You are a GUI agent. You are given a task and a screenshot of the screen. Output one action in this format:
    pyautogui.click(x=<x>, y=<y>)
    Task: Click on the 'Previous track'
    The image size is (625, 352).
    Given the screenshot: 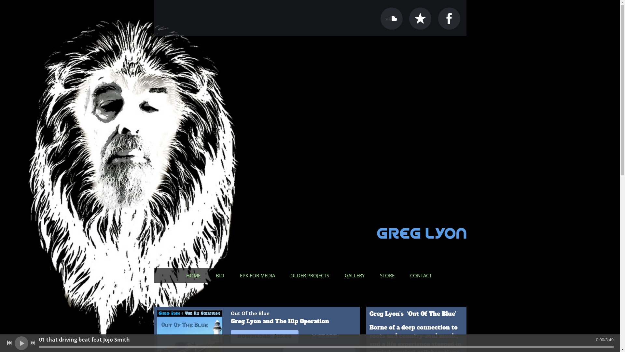 What is the action you would take?
    pyautogui.click(x=6, y=343)
    